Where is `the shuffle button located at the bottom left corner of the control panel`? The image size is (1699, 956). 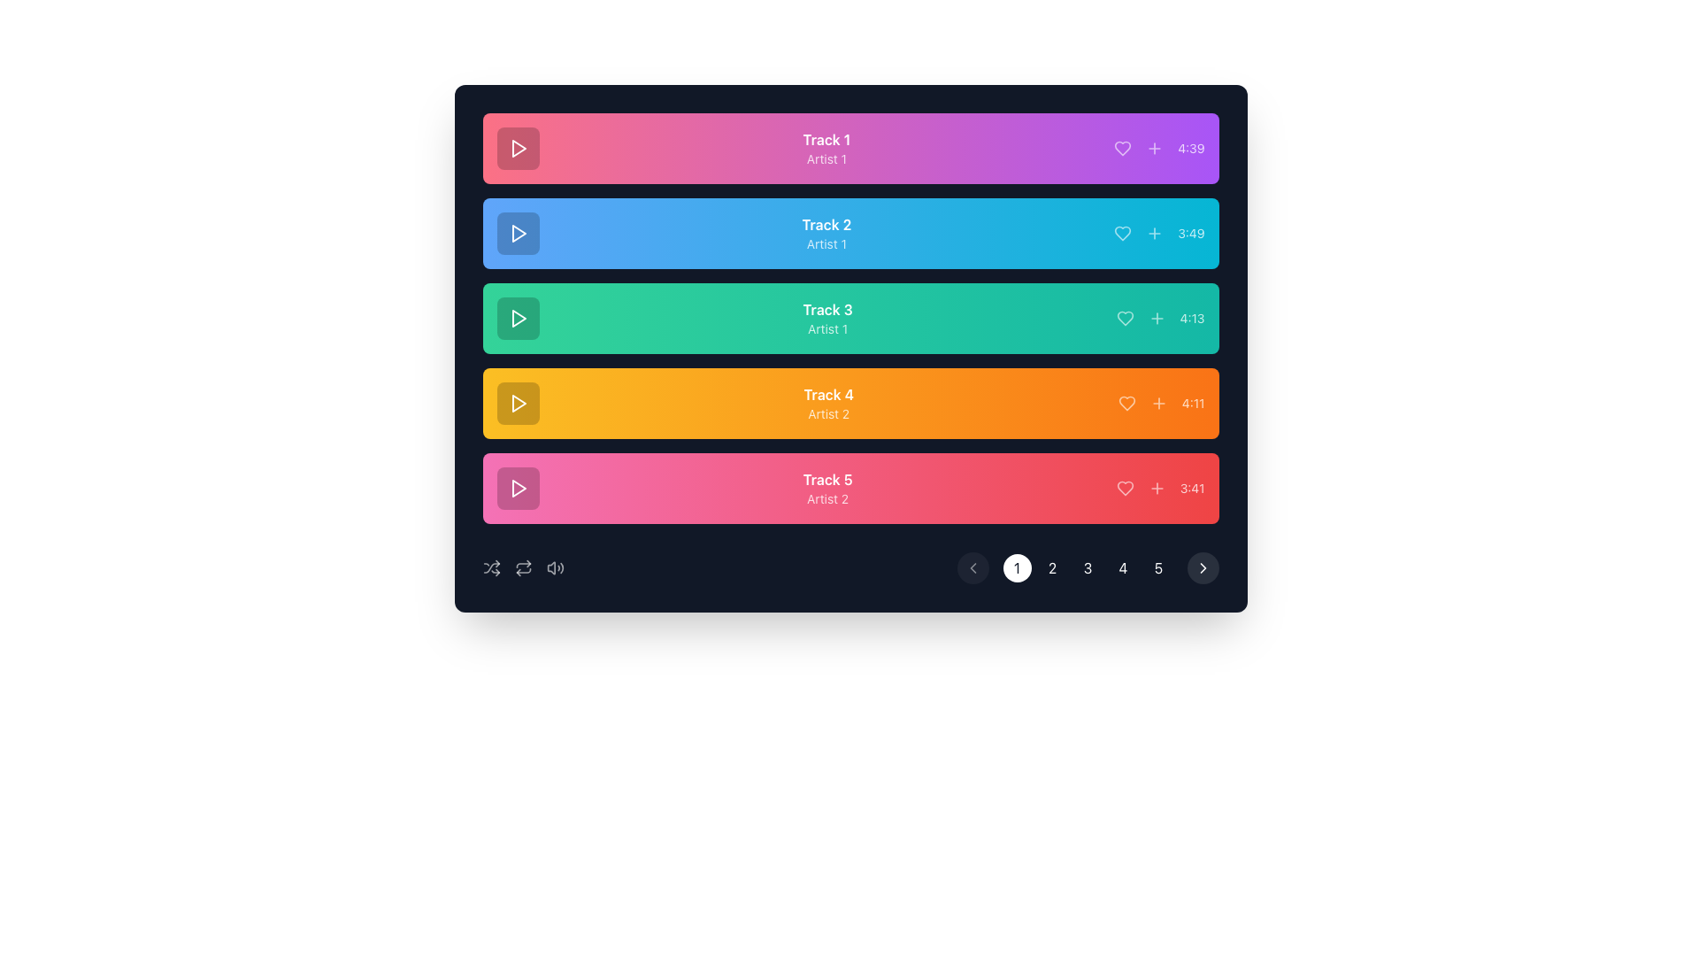 the shuffle button located at the bottom left corner of the control panel is located at coordinates (491, 567).